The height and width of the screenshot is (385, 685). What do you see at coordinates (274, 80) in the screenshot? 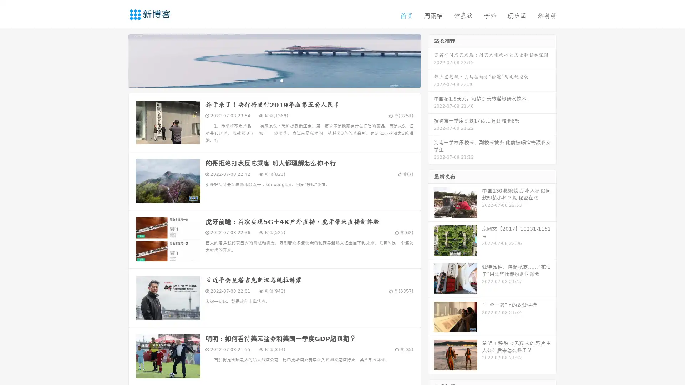
I see `Go to slide 2` at bounding box center [274, 80].